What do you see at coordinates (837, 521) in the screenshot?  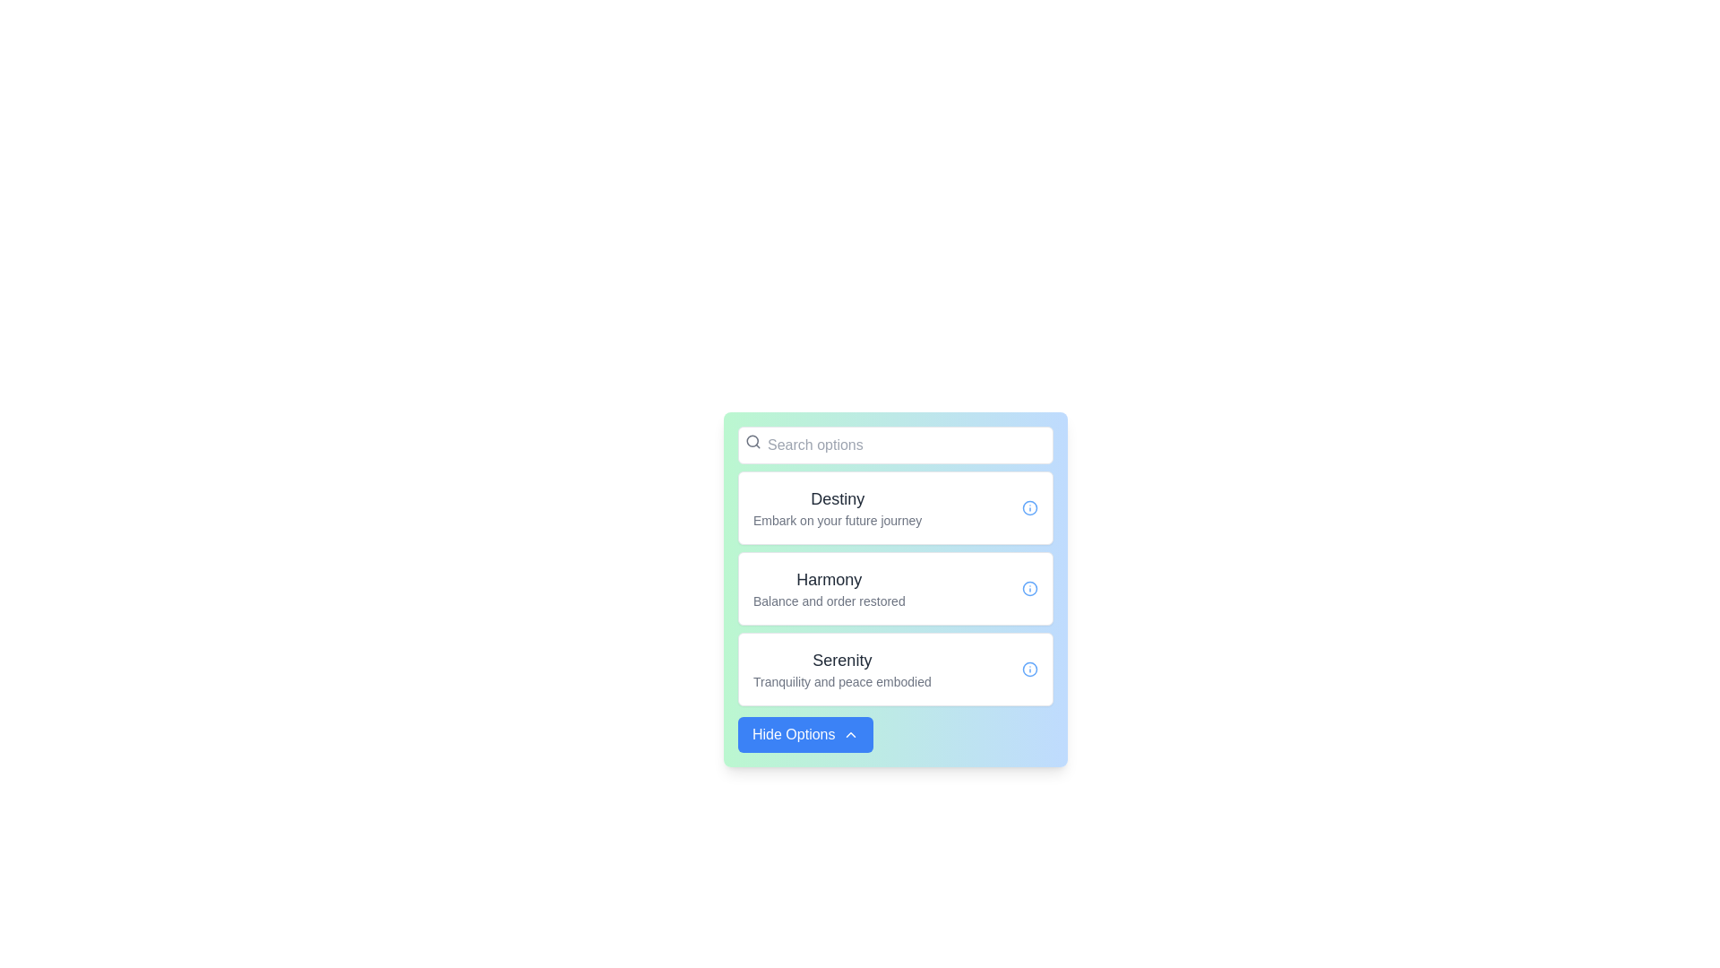 I see `the text label 'Embark on your future journey', which is styled in small, light-gray characters and located below the larger text 'Destiny'. This label is part of the topmost entry in a list of options` at bounding box center [837, 521].